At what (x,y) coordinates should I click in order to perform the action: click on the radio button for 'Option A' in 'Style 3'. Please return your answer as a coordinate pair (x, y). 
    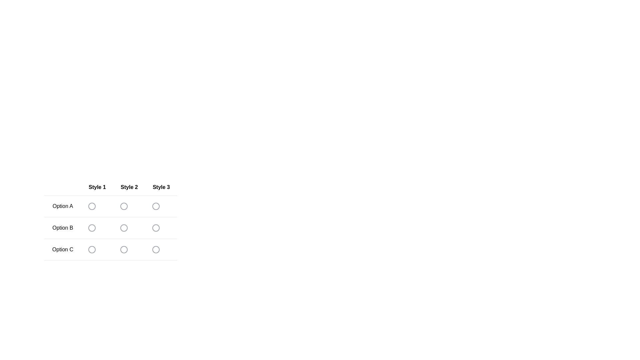
    Looking at the image, I should click on (161, 206).